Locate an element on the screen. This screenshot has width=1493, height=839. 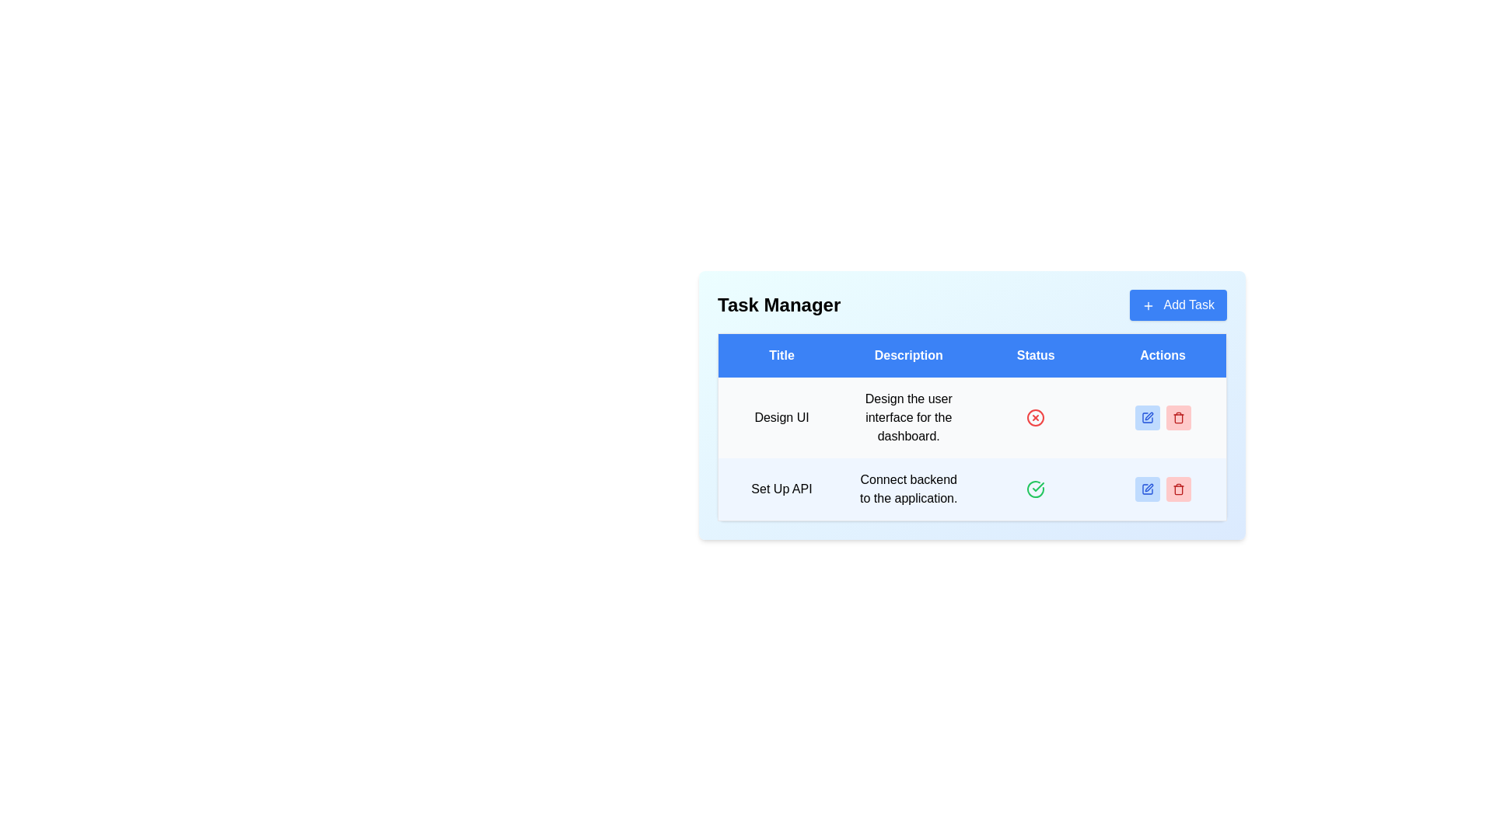
the edit icon button, which is a curved rectangular icon with a pen tip design located in the Actions column of the second row in the table is located at coordinates (1149, 487).